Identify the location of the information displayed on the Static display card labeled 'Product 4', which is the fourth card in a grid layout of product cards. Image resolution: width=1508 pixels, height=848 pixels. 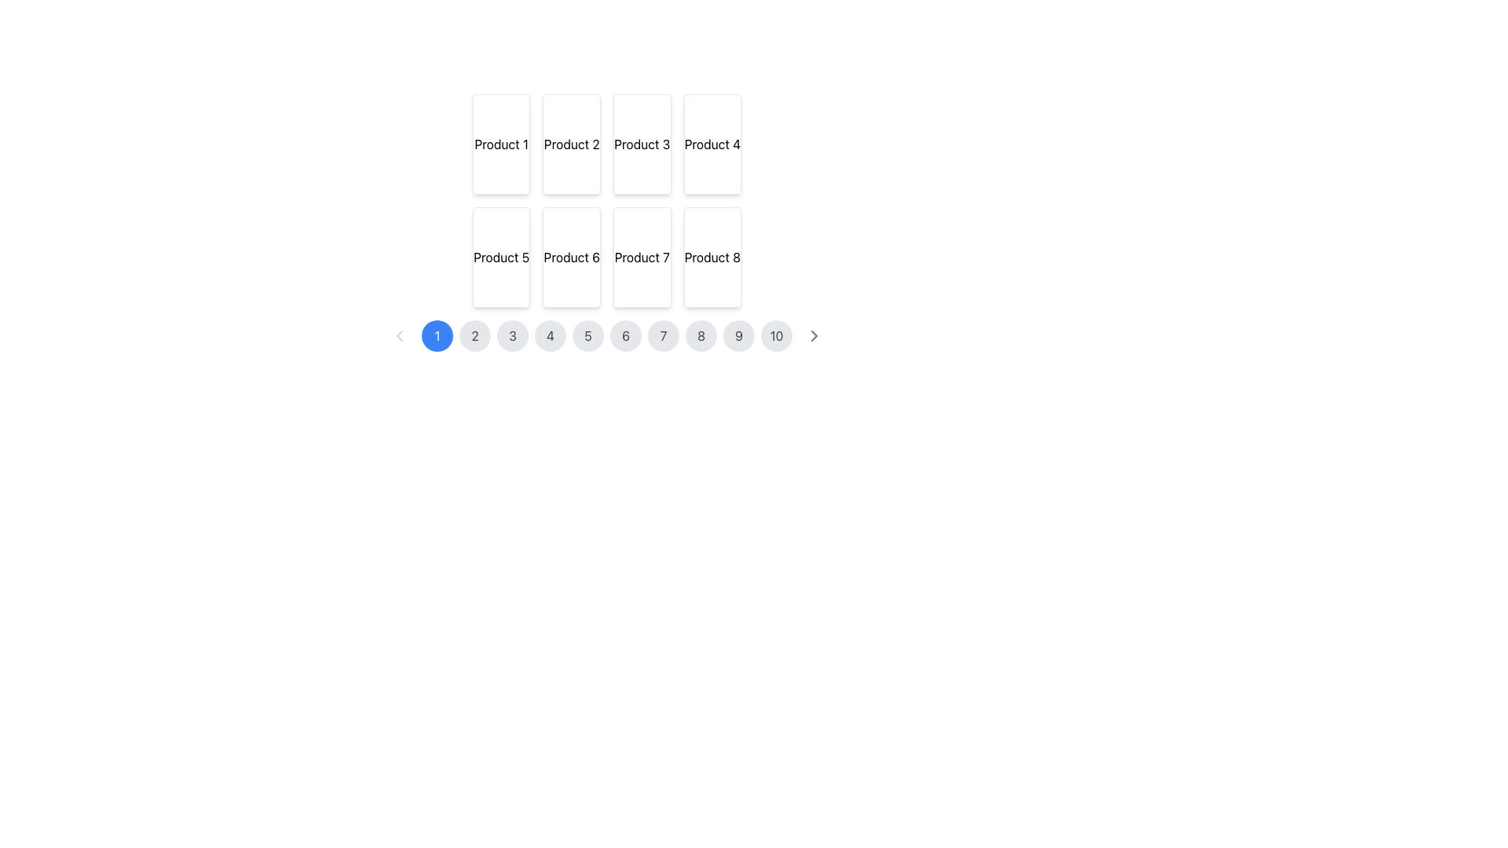
(712, 144).